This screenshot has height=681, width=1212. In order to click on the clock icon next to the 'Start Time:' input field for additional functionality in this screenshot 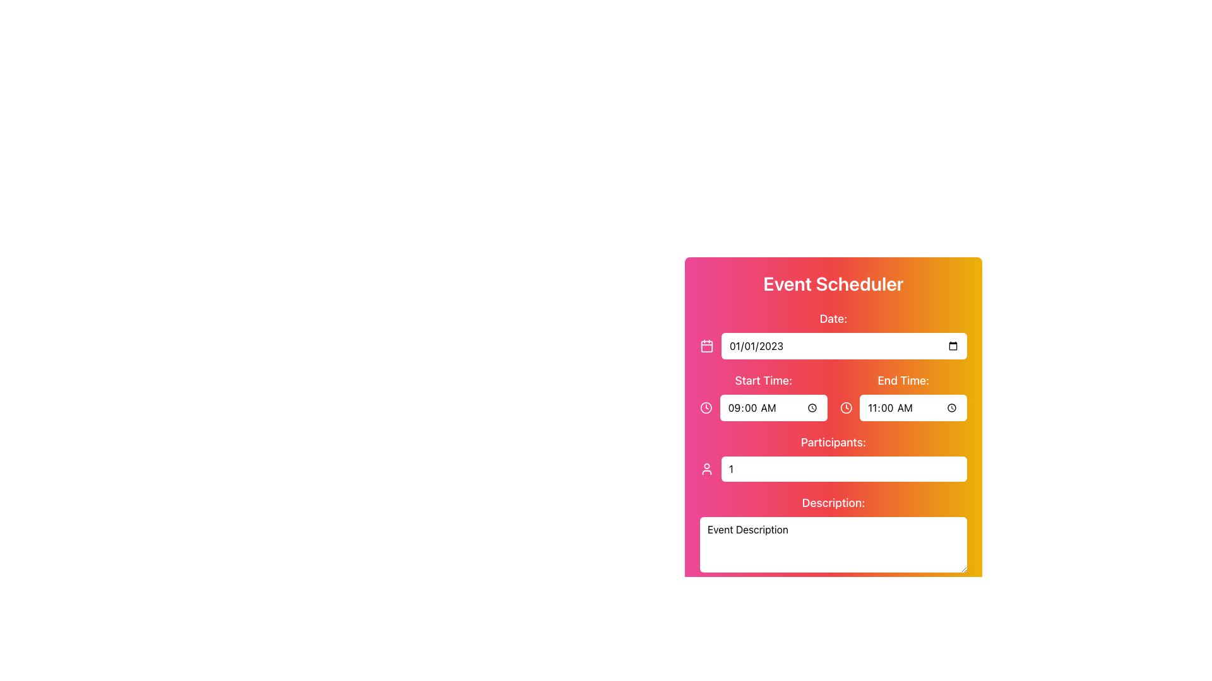, I will do `click(763, 395)`.